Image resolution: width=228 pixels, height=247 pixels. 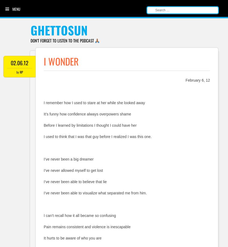 What do you see at coordinates (20, 63) in the screenshot?
I see `'02.06.12'` at bounding box center [20, 63].